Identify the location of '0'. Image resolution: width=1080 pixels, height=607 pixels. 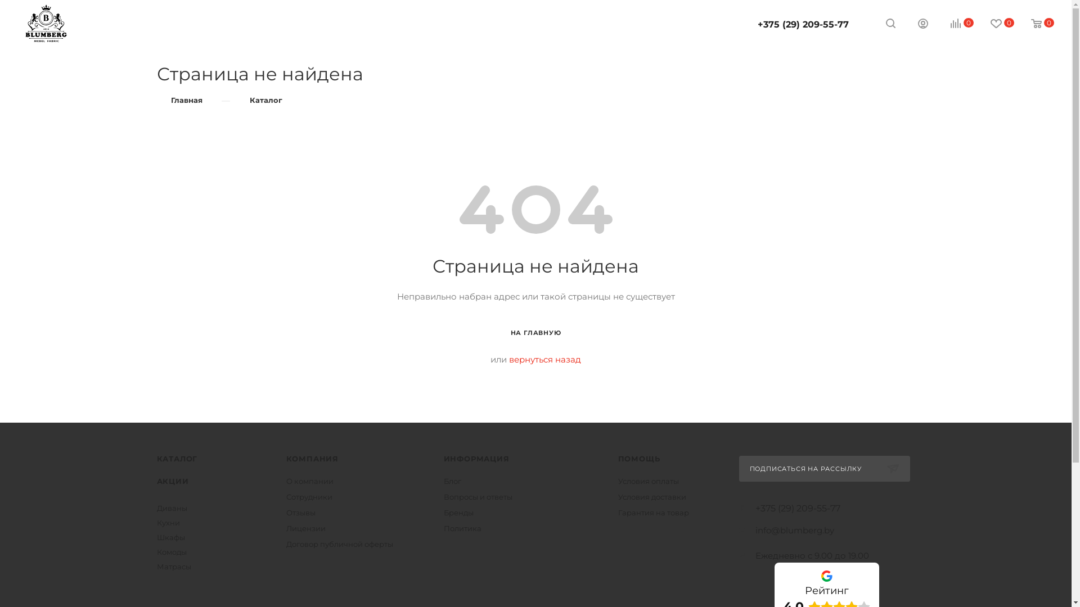
(953, 24).